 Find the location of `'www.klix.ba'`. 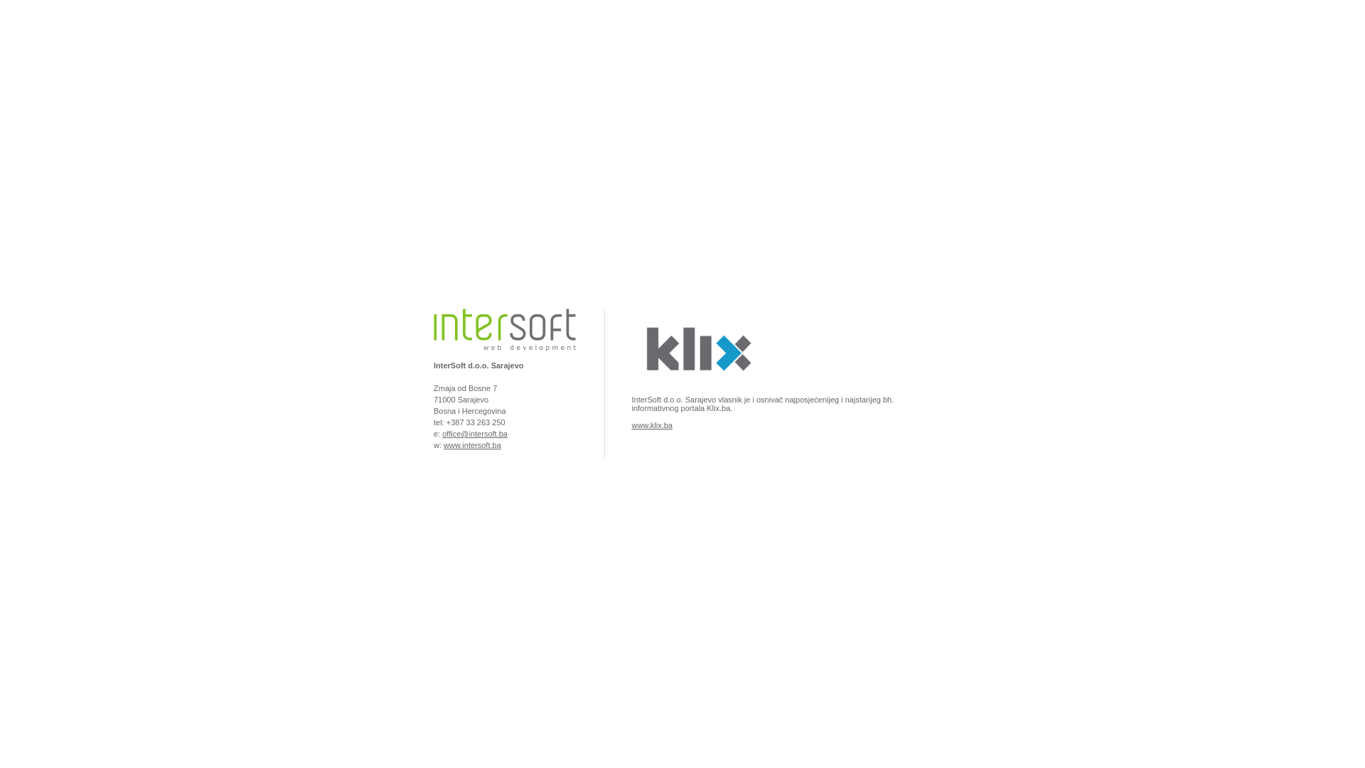

'www.klix.ba' is located at coordinates (631, 424).